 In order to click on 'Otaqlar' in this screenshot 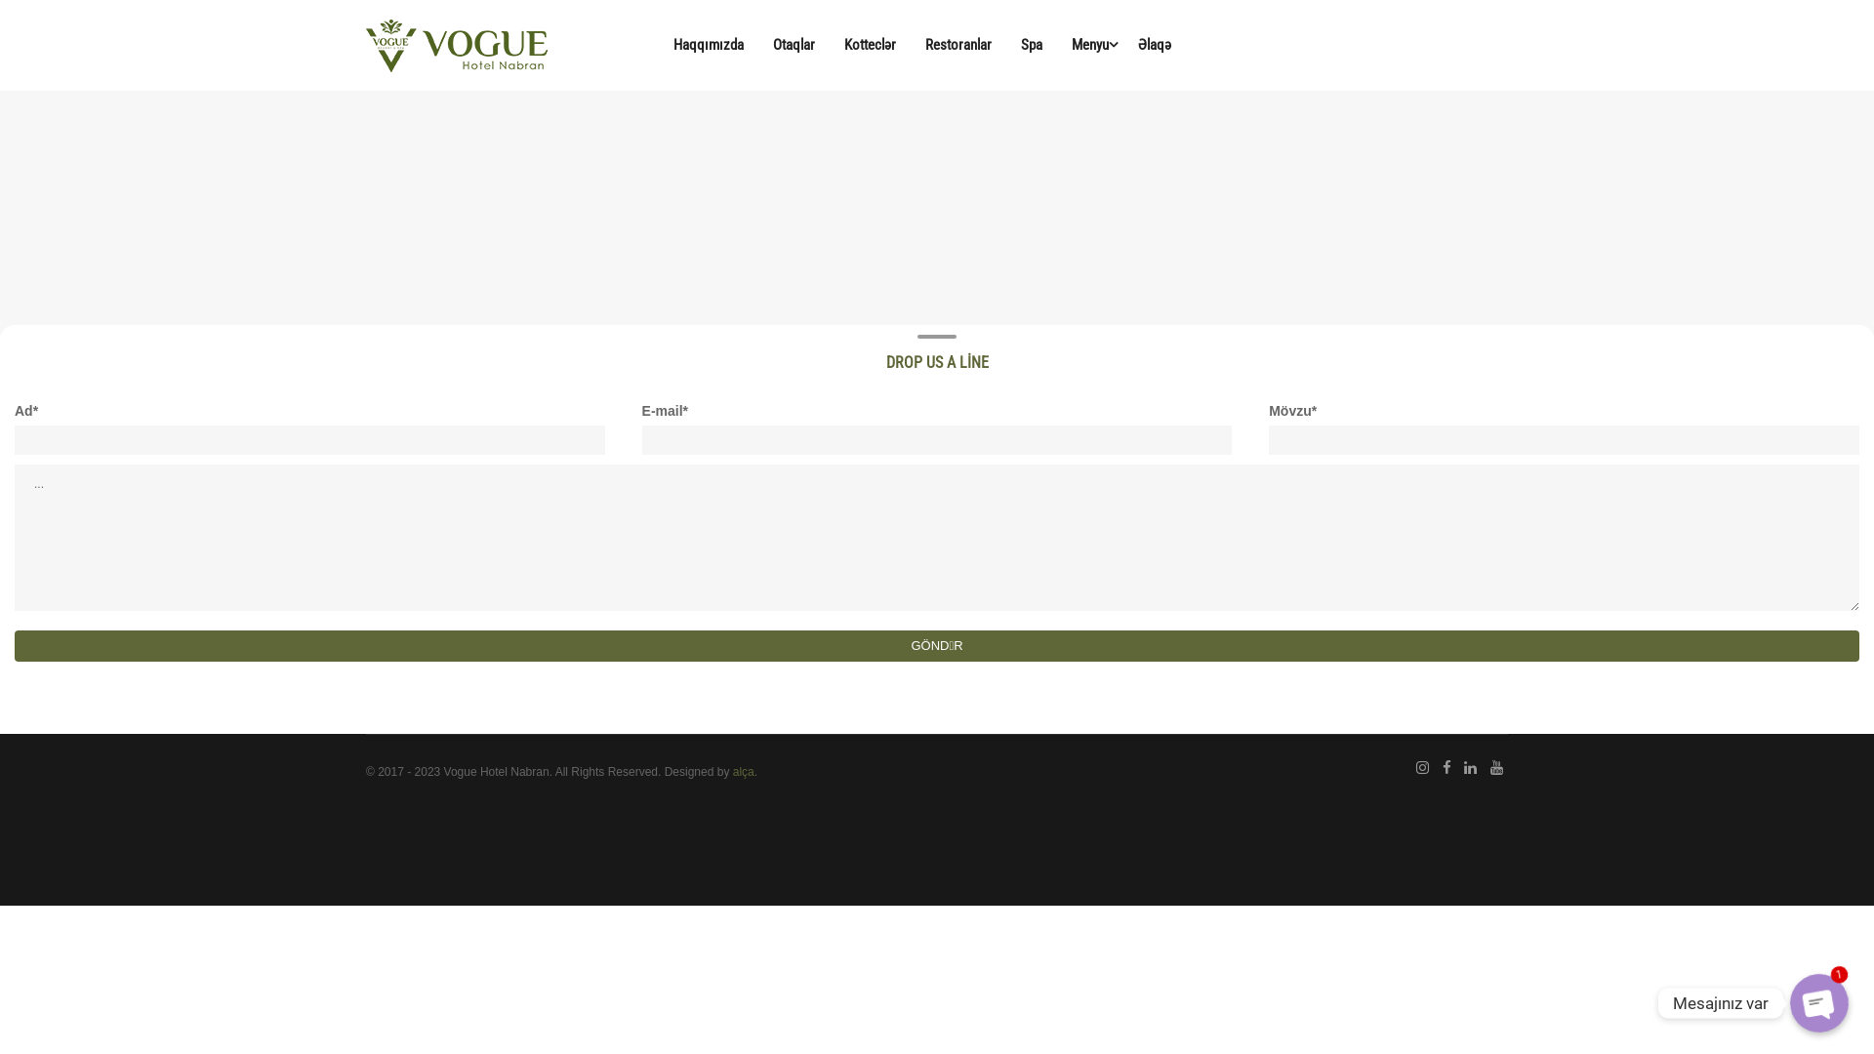, I will do `click(794, 44)`.